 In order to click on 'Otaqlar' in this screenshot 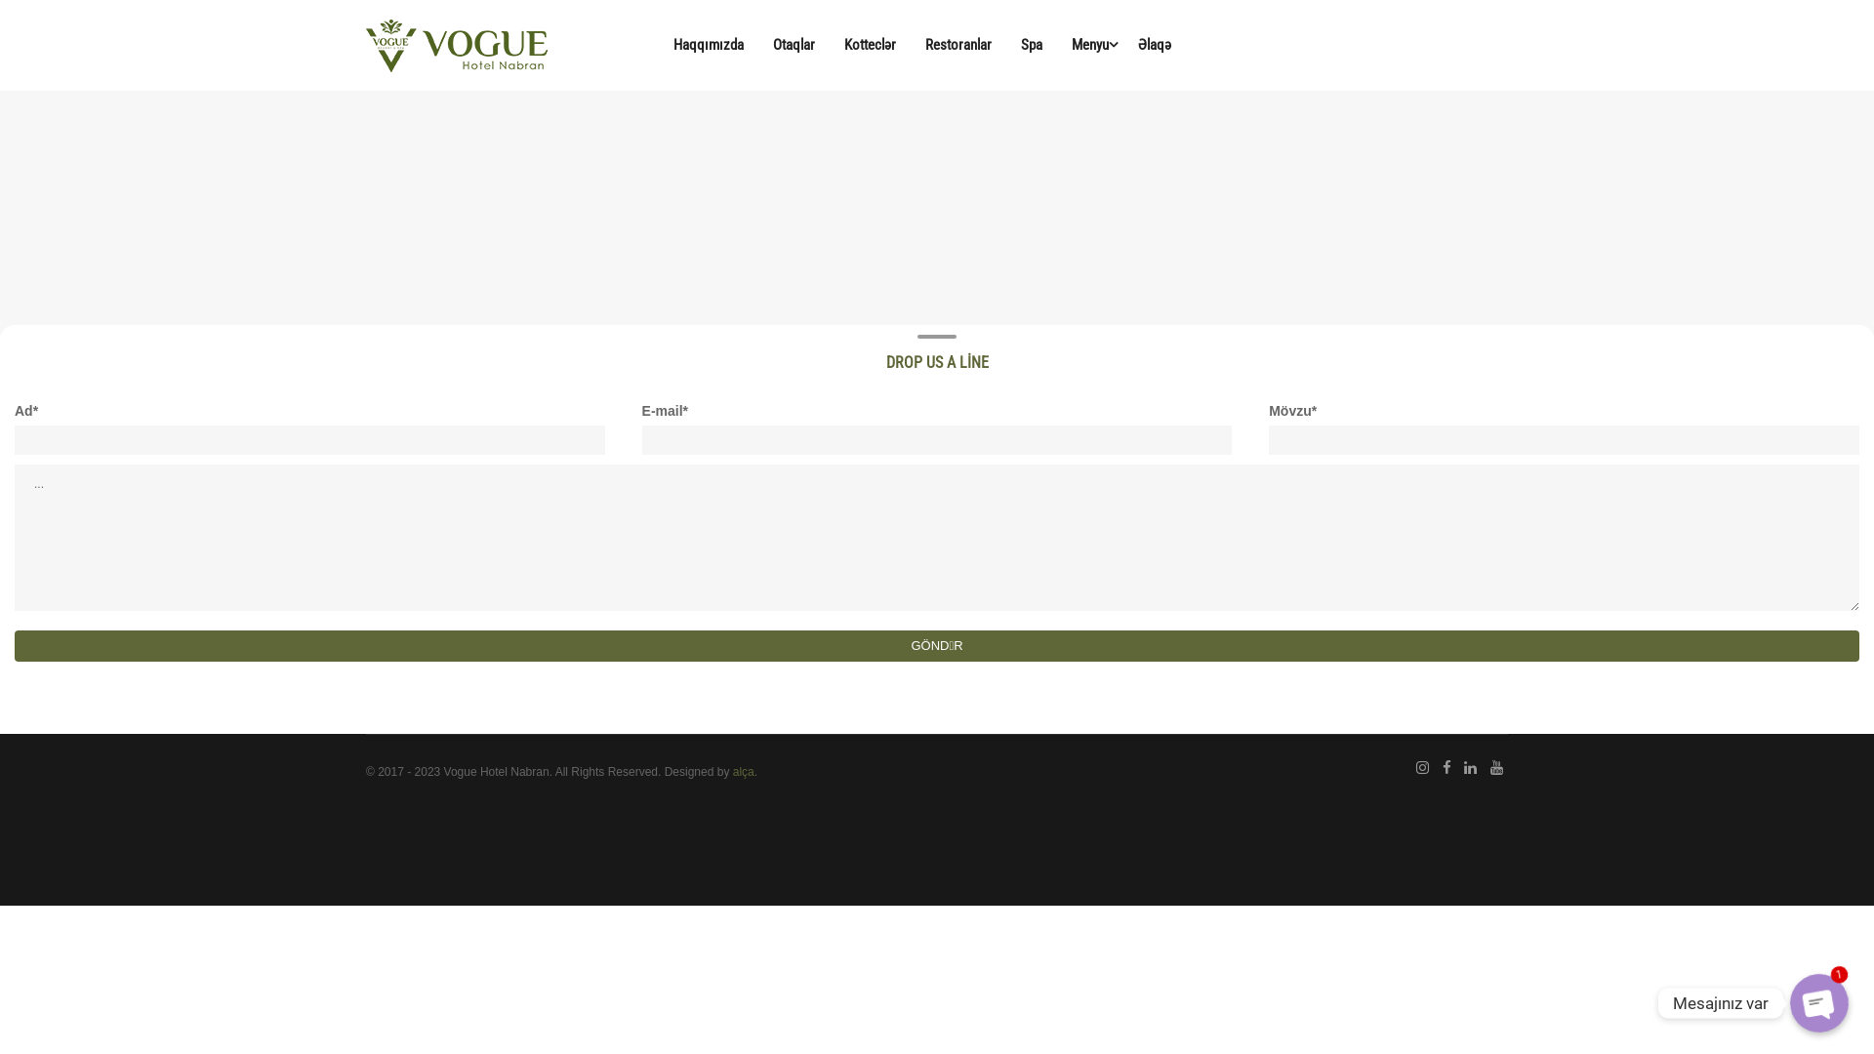, I will do `click(794, 44)`.